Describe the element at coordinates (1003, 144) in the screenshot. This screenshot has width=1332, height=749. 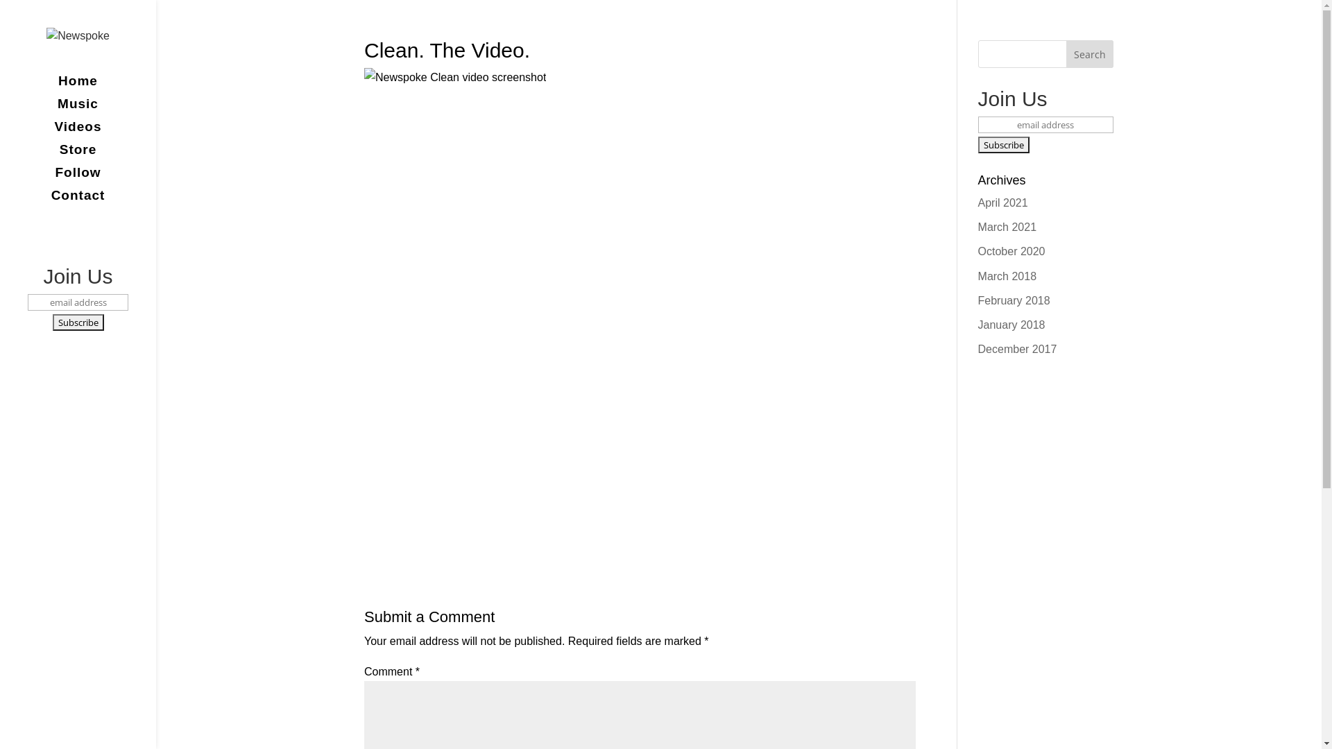
I see `'Subscribe'` at that location.